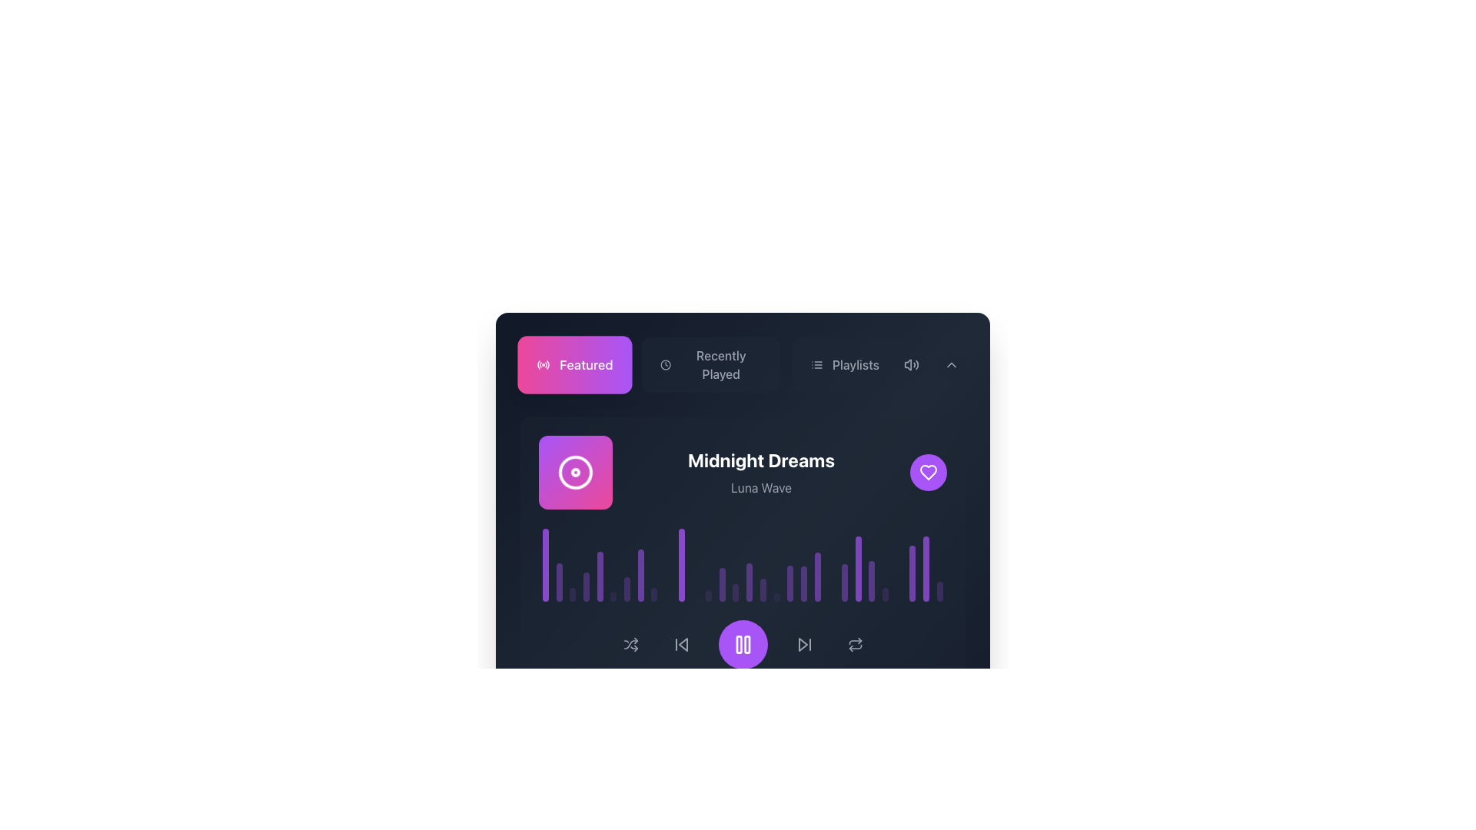 Image resolution: width=1476 pixels, height=830 pixels. Describe the element at coordinates (627, 589) in the screenshot. I see `the 7th element of the horizontally aligned indicator bar group located beneath the song title 'Midnight Dreams' and the album cover image` at that location.